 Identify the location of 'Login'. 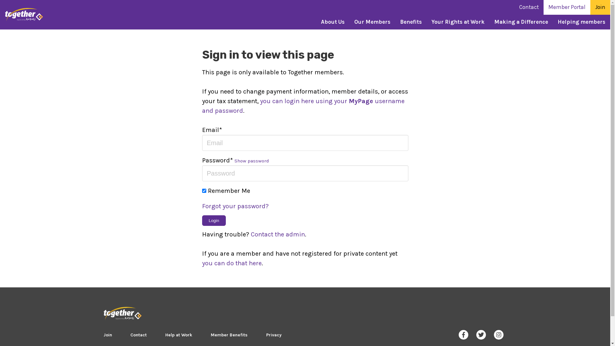
(214, 220).